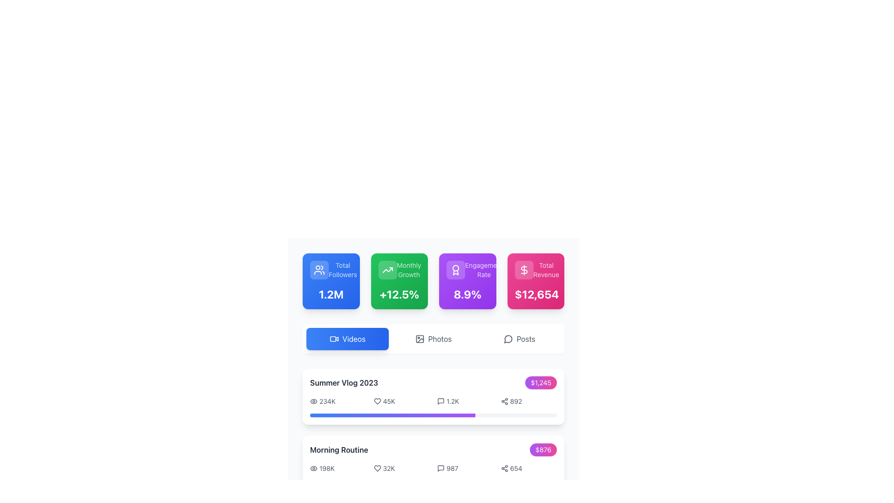 The width and height of the screenshot is (894, 503). I want to click on the 'Total Revenue' label, which is styled with white text on a pink-to-red gradient background, located at the top right section of a pink rectangular card, so click(535, 270).